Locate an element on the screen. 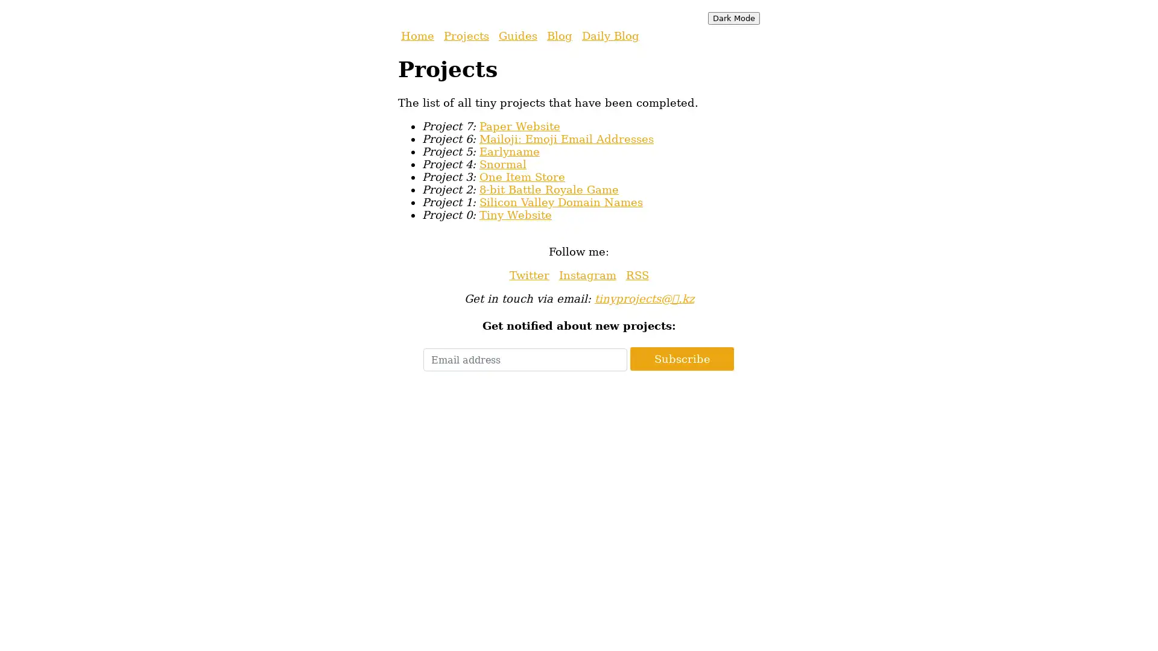 The width and height of the screenshot is (1158, 651). Dark Mode is located at coordinates (733, 18).